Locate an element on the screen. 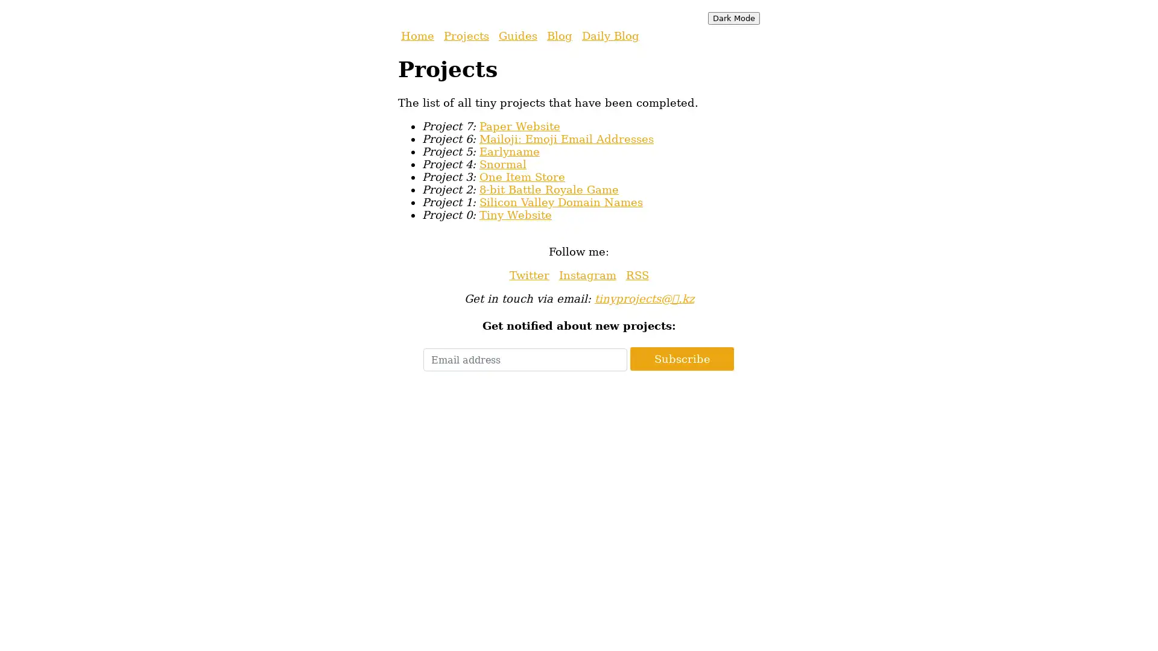 The width and height of the screenshot is (1158, 651). Dark Mode is located at coordinates (733, 18).